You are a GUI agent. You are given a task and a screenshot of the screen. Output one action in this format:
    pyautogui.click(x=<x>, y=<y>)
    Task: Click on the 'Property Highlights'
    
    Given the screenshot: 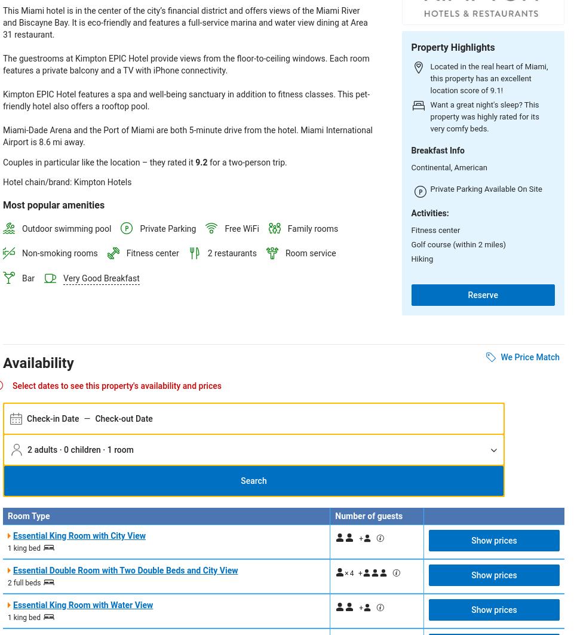 What is the action you would take?
    pyautogui.click(x=452, y=47)
    